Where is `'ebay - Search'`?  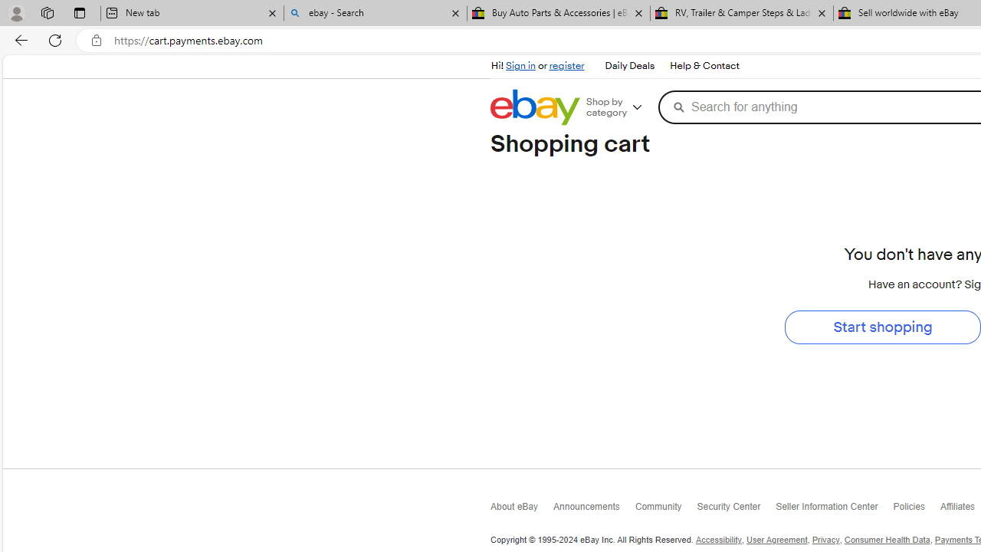 'ebay - Search' is located at coordinates (376, 13).